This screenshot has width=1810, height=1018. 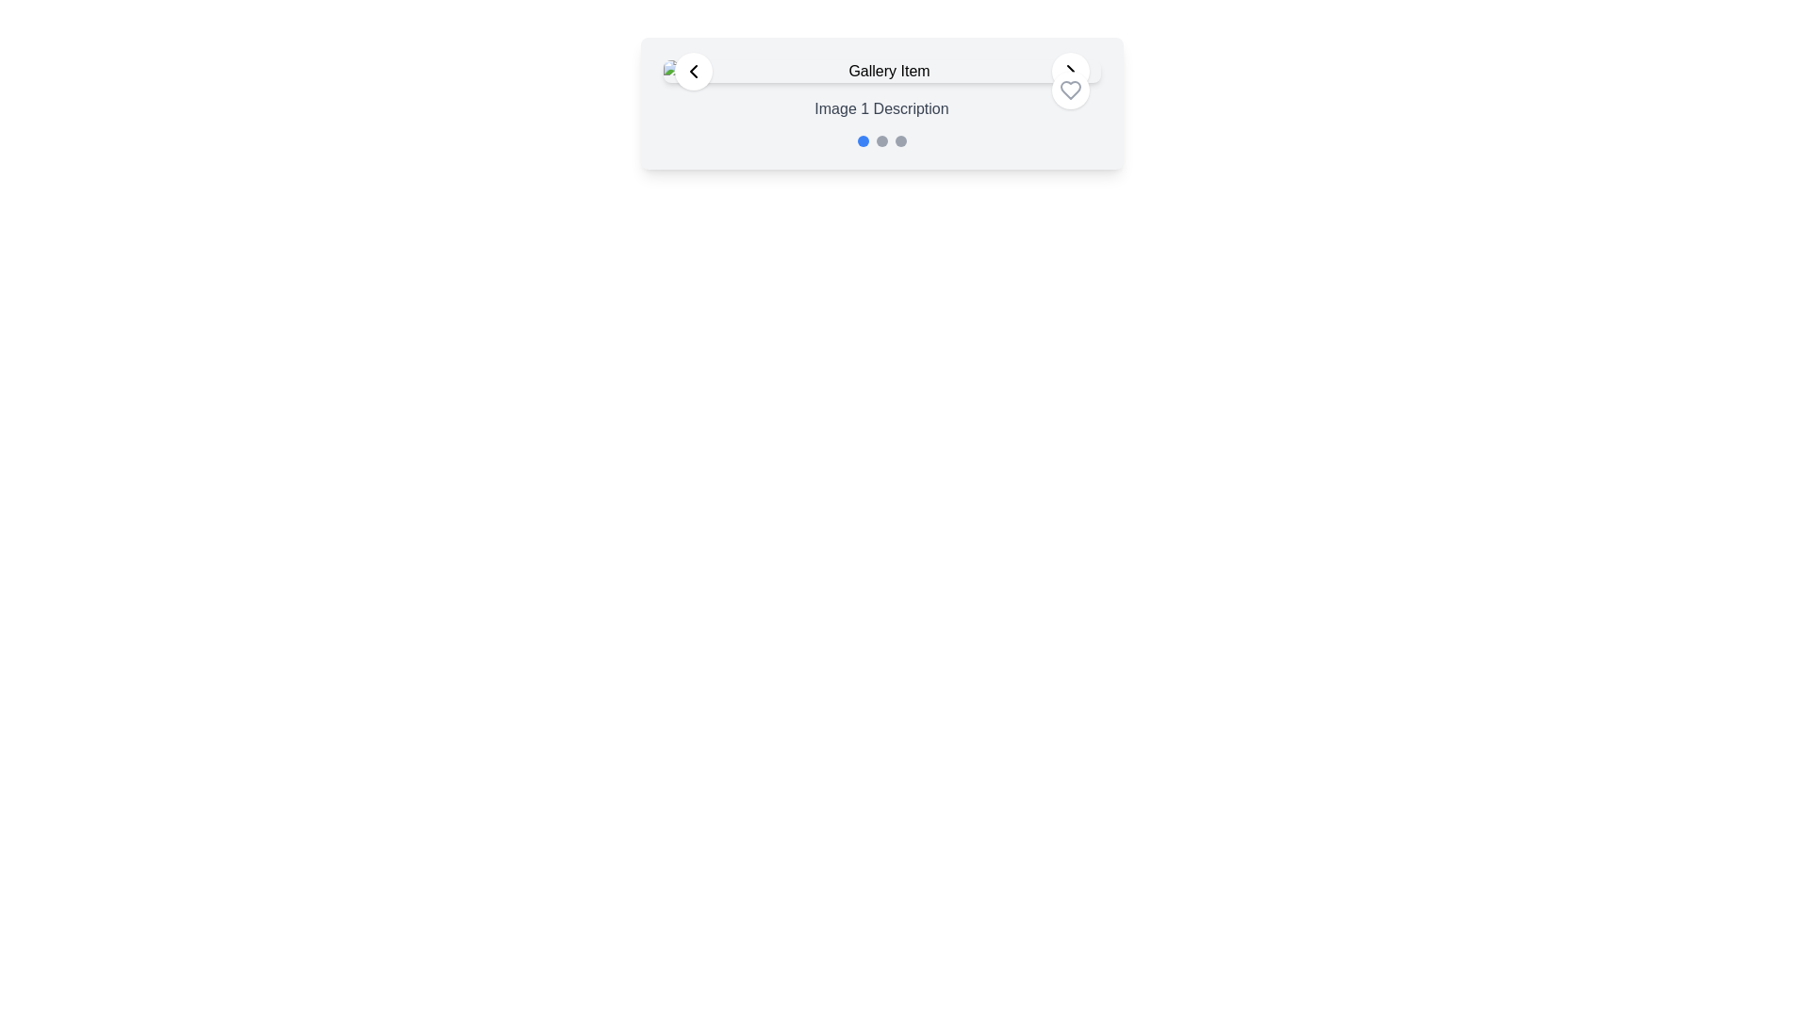 I want to click on the textual description element that provides information about the displayed gallery item, located centrally below the image content, so click(x=880, y=108).